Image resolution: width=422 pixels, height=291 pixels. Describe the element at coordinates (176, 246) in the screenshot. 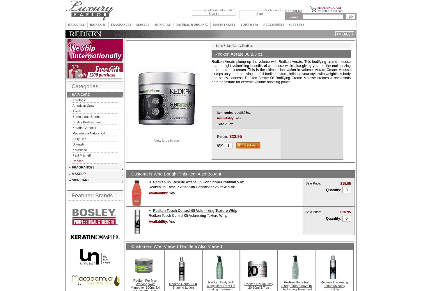

I see `'Customers Who Viewed This Item Also Viewed'` at that location.